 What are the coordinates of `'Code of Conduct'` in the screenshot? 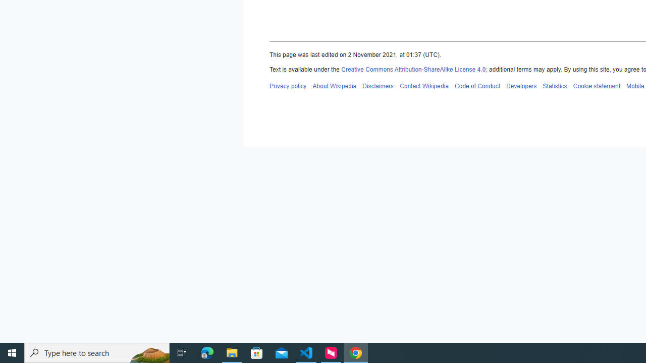 It's located at (476, 85).